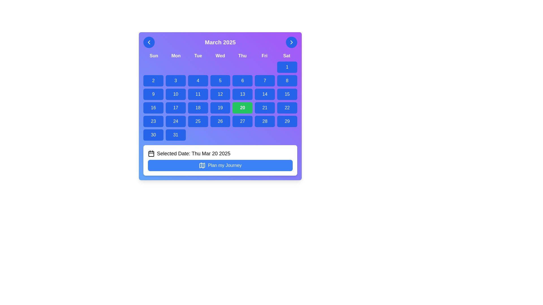  I want to click on the label displaying the currently selected calendar month and year, located at the top of the calendar interface, so click(220, 42).